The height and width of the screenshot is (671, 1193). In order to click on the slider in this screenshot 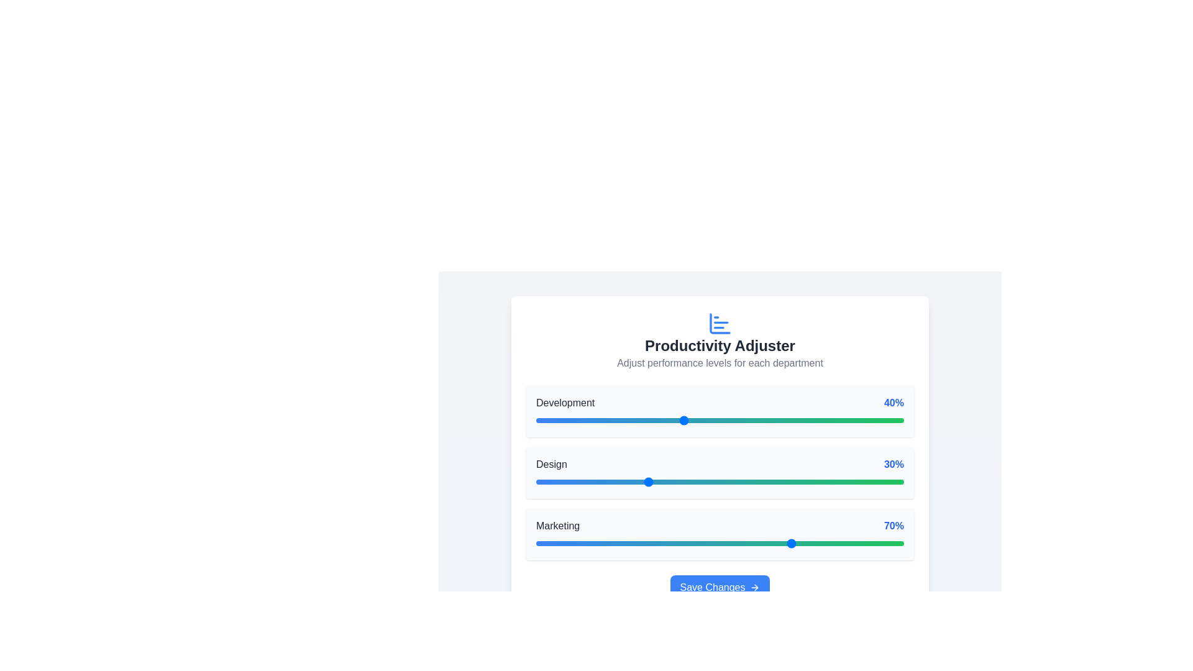, I will do `click(709, 481)`.